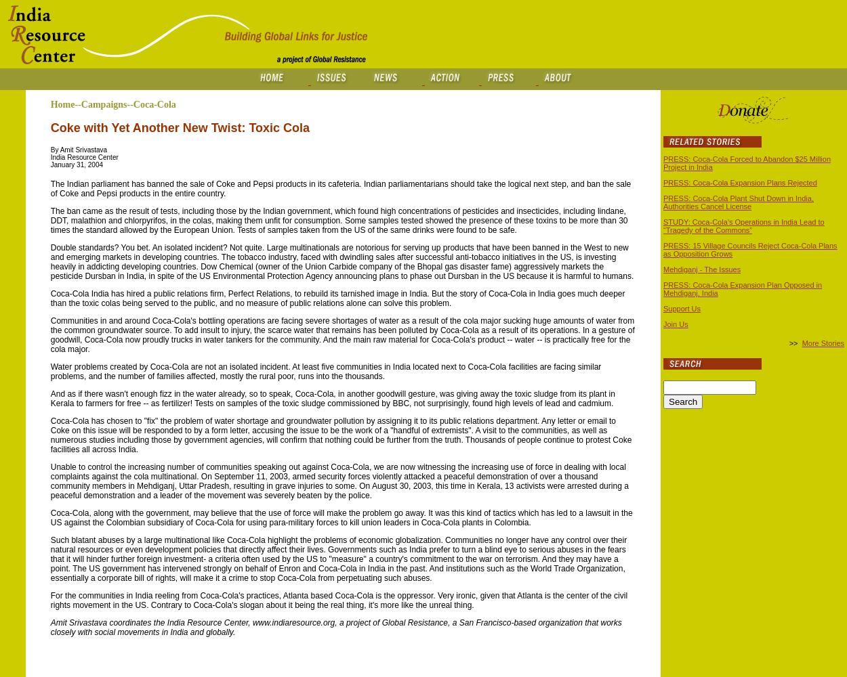 Image resolution: width=847 pixels, height=677 pixels. What do you see at coordinates (83, 156) in the screenshot?
I see `'India Resource Center'` at bounding box center [83, 156].